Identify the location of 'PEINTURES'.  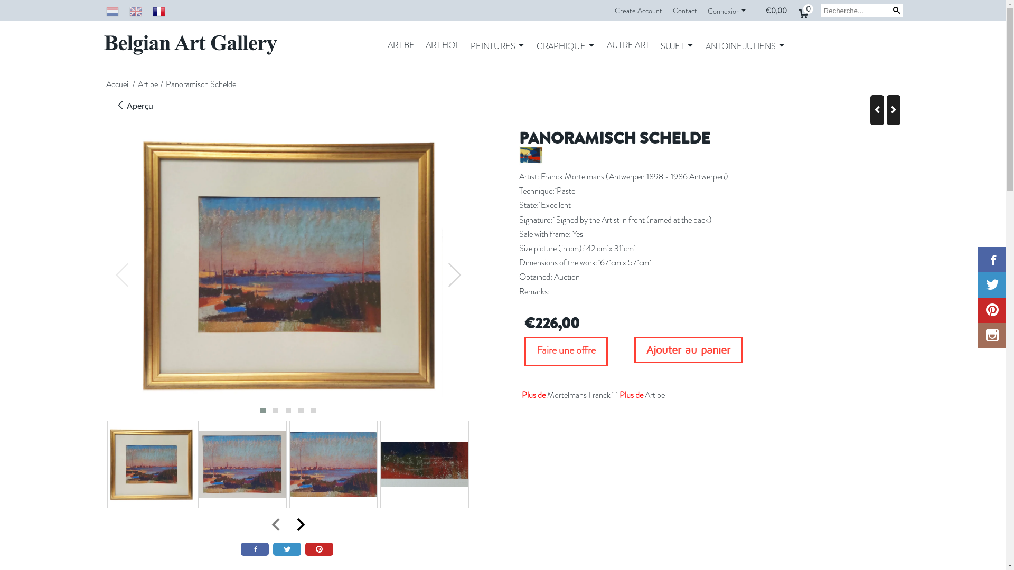
(497, 45).